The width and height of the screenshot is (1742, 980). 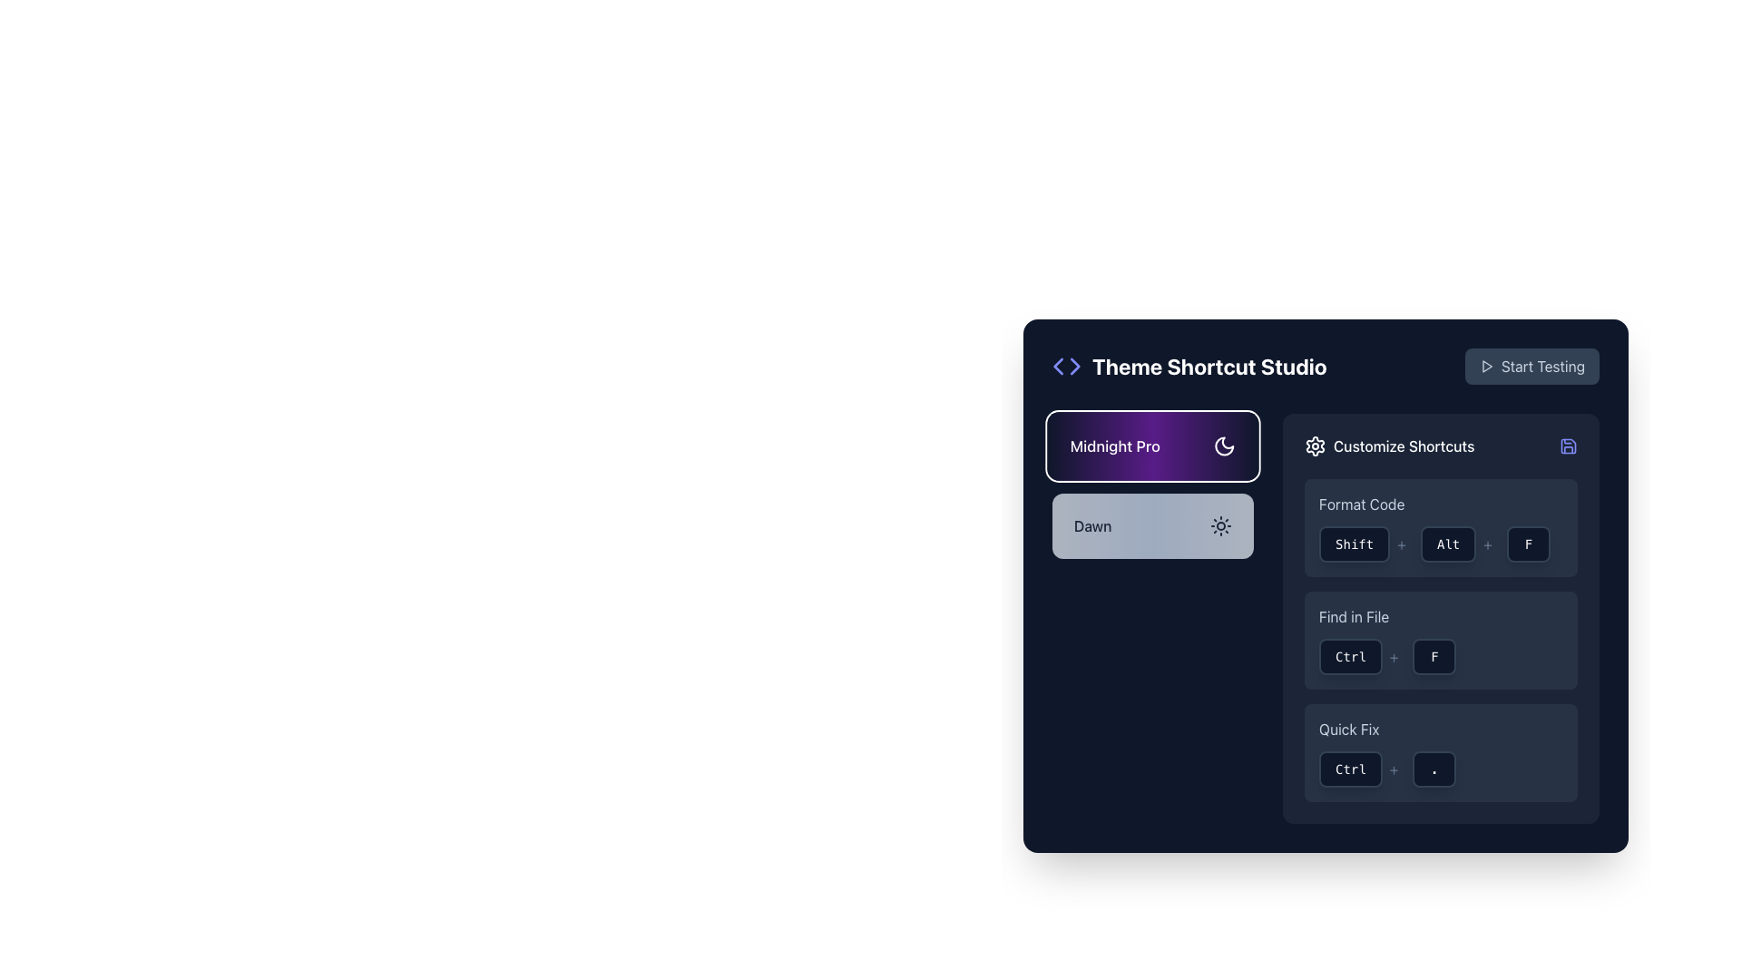 What do you see at coordinates (1460, 544) in the screenshot?
I see `the display-only button labeled 'Alt', which has a dark navy-blue background and white text, located in the 'Format Code' section of the 'Customize Shortcuts' panel` at bounding box center [1460, 544].